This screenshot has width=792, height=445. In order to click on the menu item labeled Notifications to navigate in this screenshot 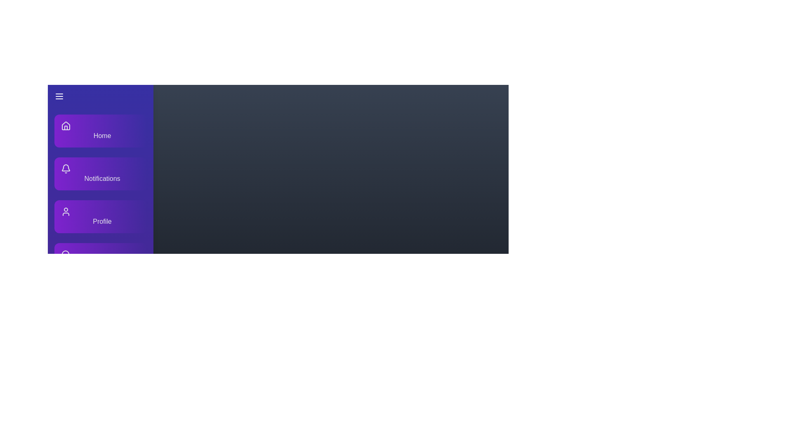, I will do `click(100, 173)`.